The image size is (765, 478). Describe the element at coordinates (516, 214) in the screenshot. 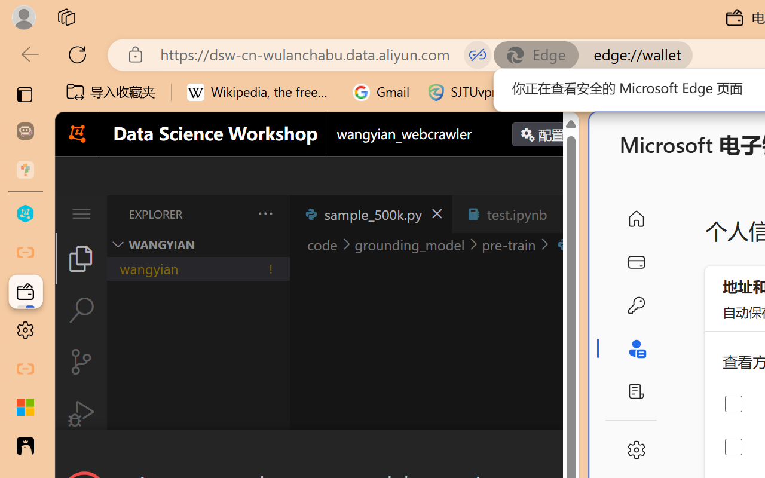

I see `'test.ipynb'` at that location.